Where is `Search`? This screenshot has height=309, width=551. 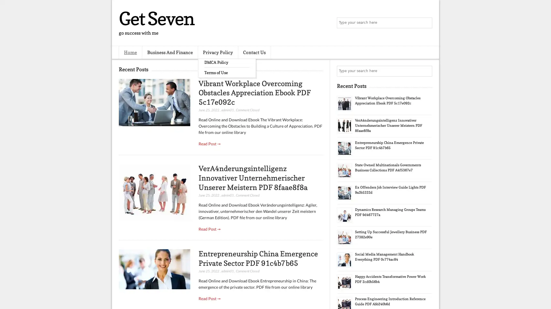 Search is located at coordinates (426, 71).